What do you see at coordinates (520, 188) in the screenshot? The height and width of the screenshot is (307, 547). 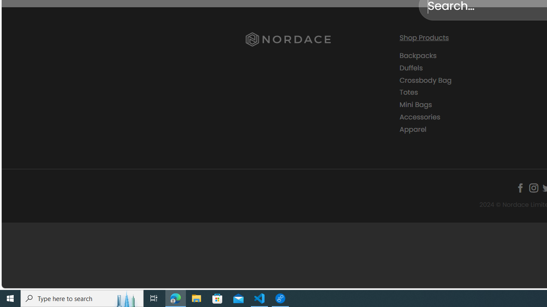 I see `'Follow on Facebook'` at bounding box center [520, 188].